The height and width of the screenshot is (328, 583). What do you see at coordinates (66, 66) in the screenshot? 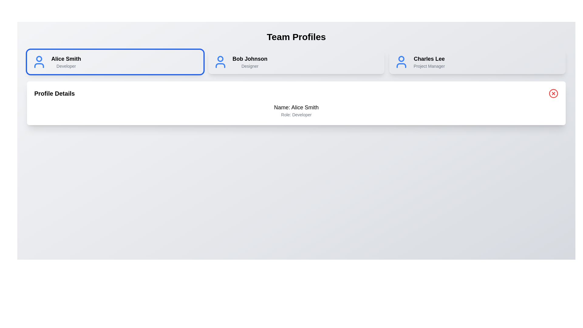
I see `the static label displaying the text 'Developer', which is styled in gray and located below the bold name 'Alice Smith' on the leftmost profile card` at bounding box center [66, 66].